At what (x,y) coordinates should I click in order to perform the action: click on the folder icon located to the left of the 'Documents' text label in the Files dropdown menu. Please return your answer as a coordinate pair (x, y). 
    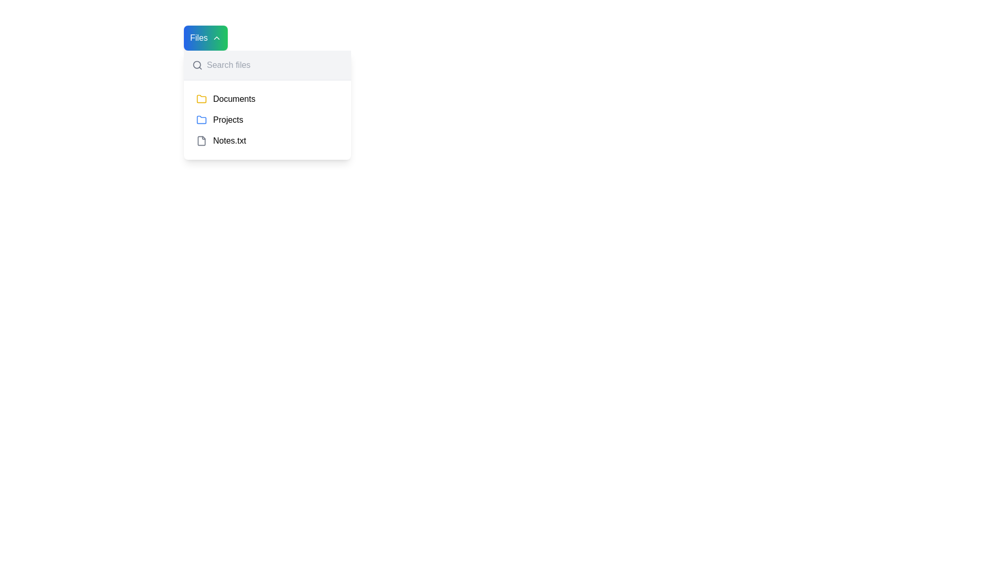
    Looking at the image, I should click on (201, 99).